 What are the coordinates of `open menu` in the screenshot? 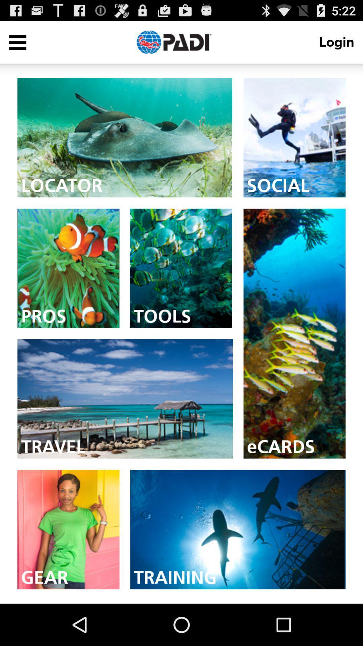 It's located at (17, 42).